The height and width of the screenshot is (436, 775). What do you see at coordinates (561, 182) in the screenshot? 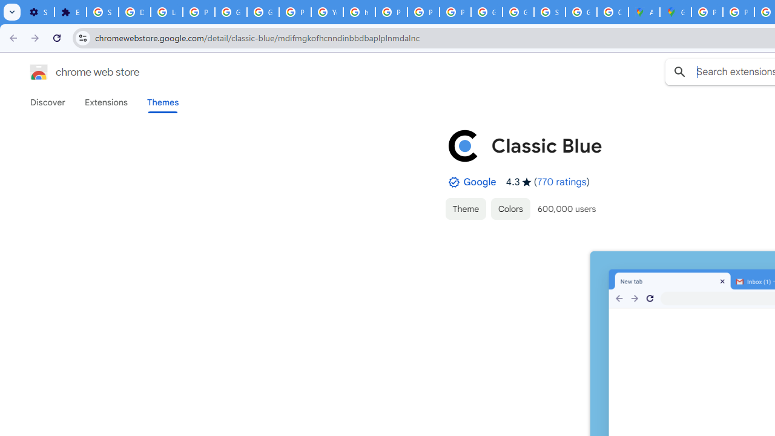
I see `'770 ratings'` at bounding box center [561, 182].